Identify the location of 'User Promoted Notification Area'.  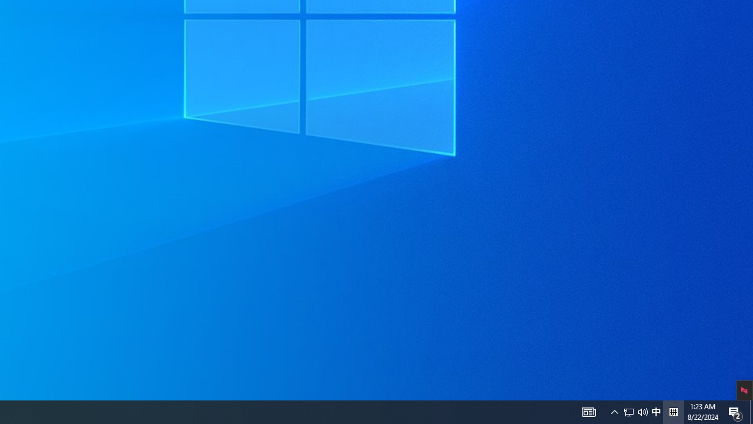
(655, 411).